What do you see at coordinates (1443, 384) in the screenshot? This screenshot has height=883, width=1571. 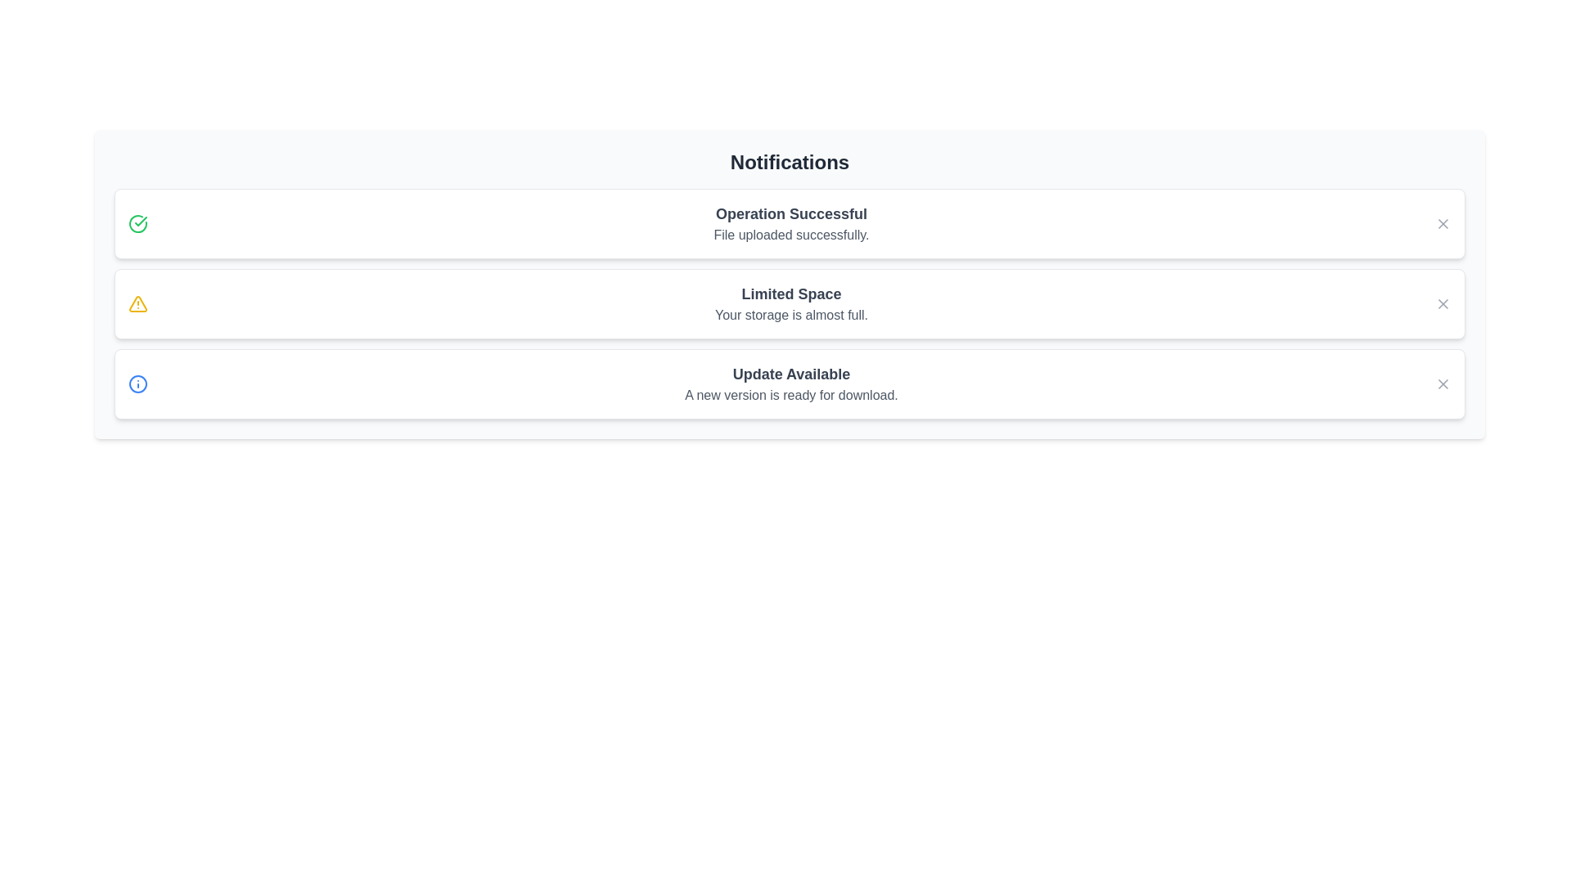 I see `the close button of the notification with title Update Available` at bounding box center [1443, 384].